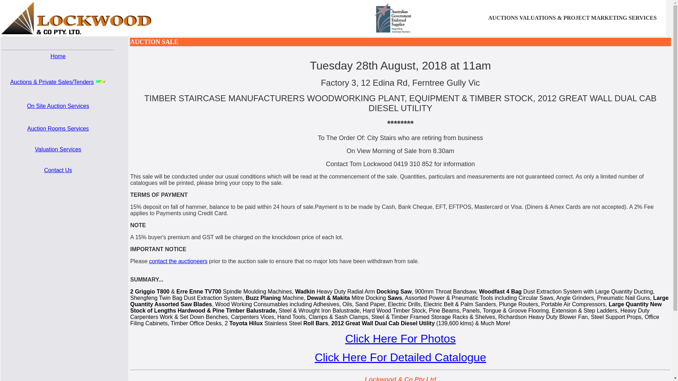 The image size is (678, 381). I want to click on 'Auction Rooms Services', so click(58, 128).